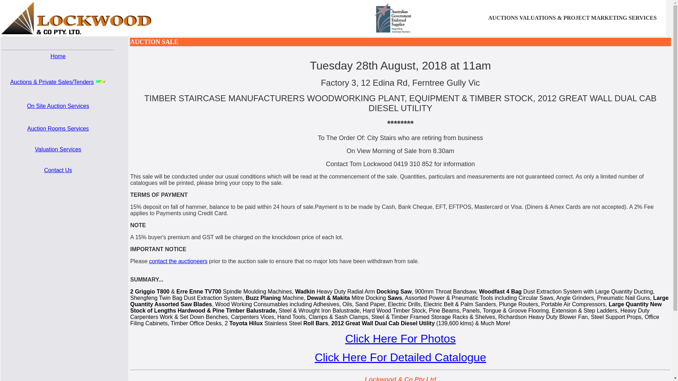 The image size is (678, 381). I want to click on 'Auction Rooms Services', so click(58, 128).